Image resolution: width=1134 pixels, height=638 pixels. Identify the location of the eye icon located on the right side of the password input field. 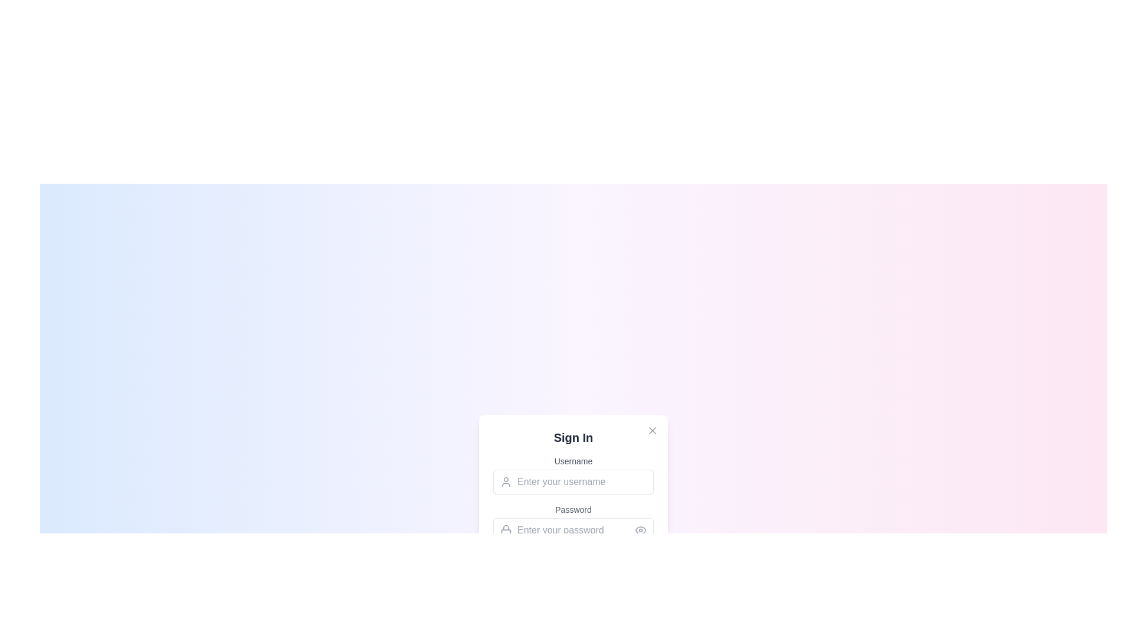
(640, 530).